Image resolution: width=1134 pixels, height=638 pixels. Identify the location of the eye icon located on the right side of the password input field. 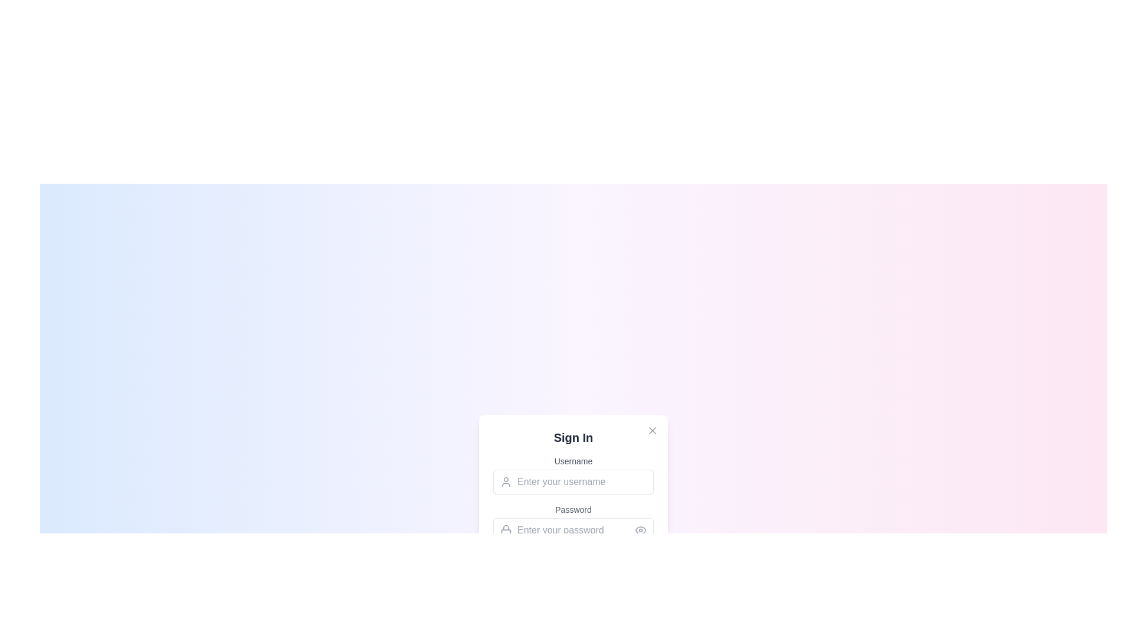
(640, 530).